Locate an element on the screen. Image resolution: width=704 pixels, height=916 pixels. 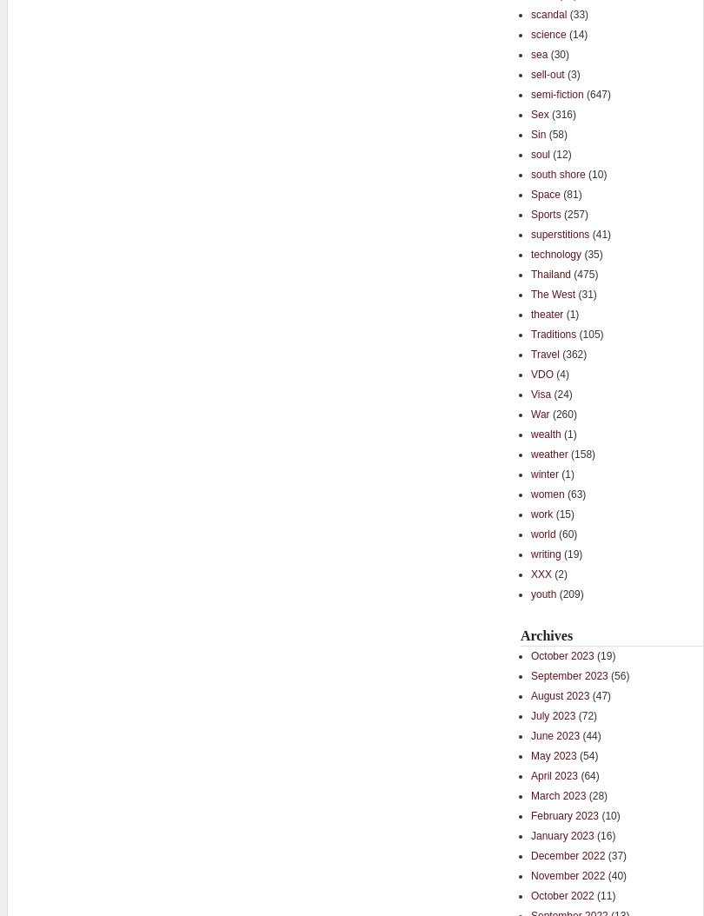
'scandal' is located at coordinates (548, 14).